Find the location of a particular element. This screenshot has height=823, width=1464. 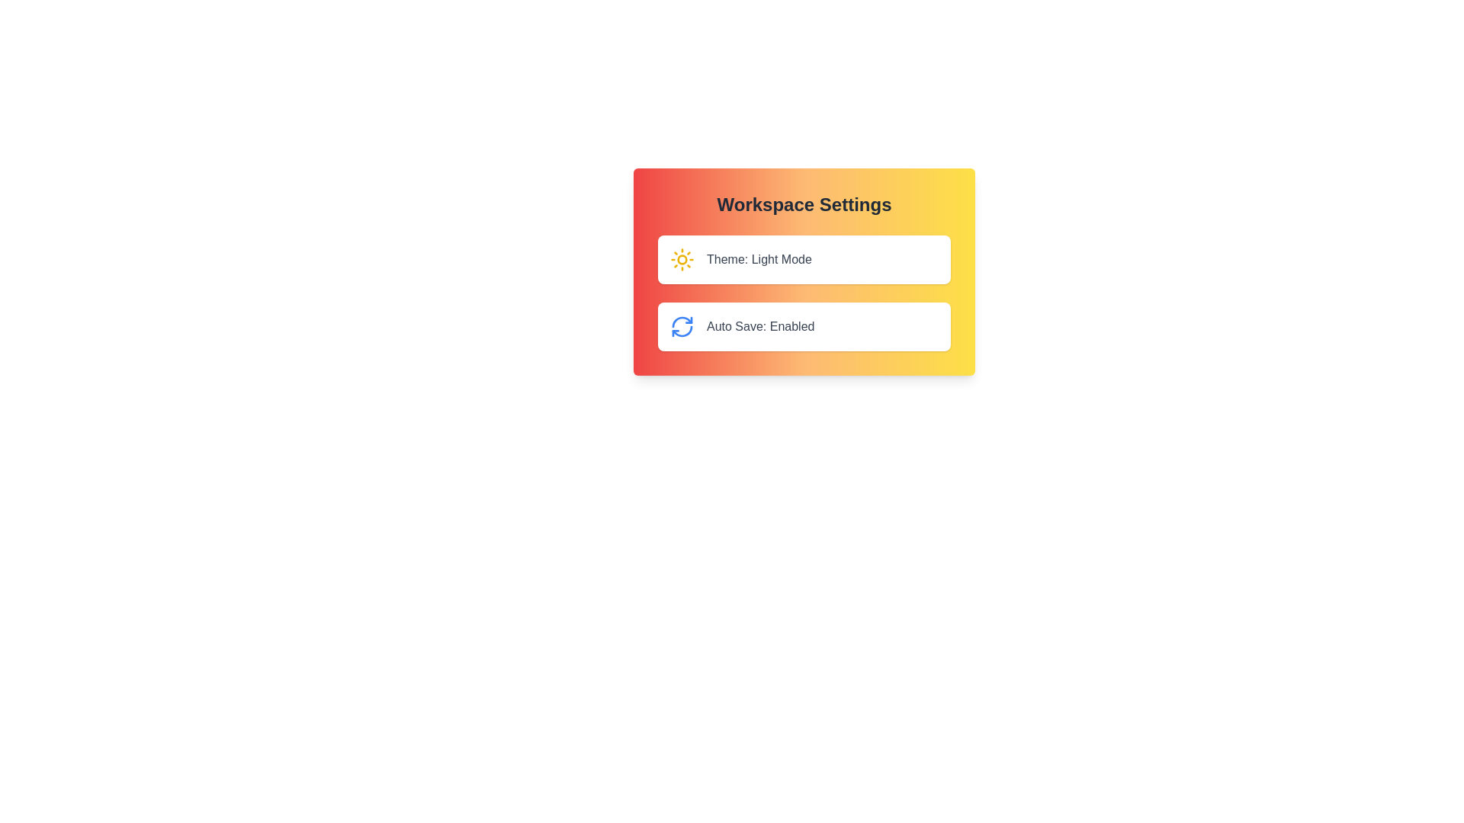

the sun icon to toggle the theme from light mode to dark mode is located at coordinates (681, 258).